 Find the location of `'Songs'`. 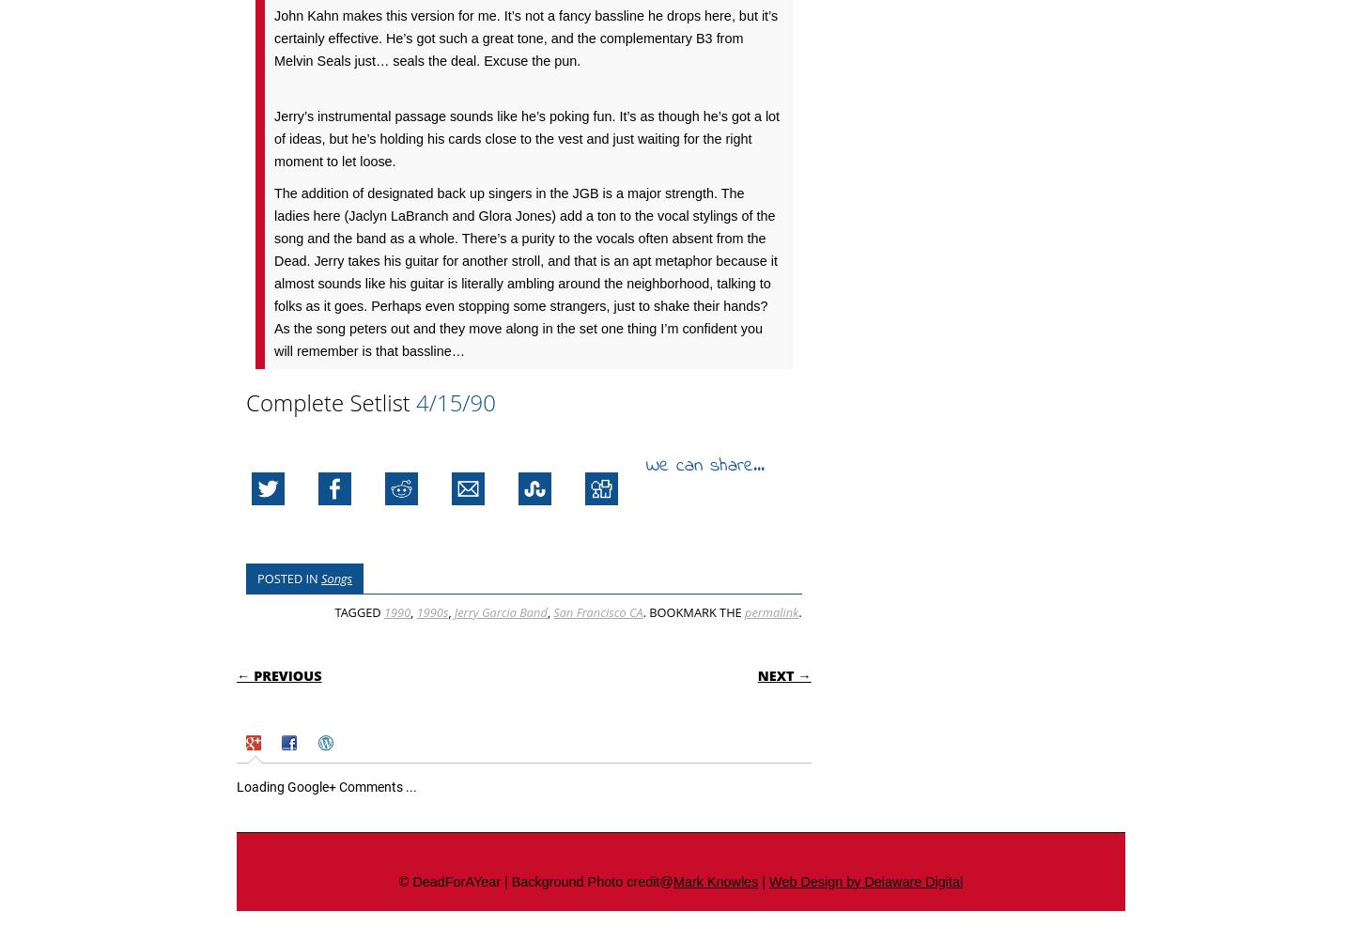

'Songs' is located at coordinates (336, 578).